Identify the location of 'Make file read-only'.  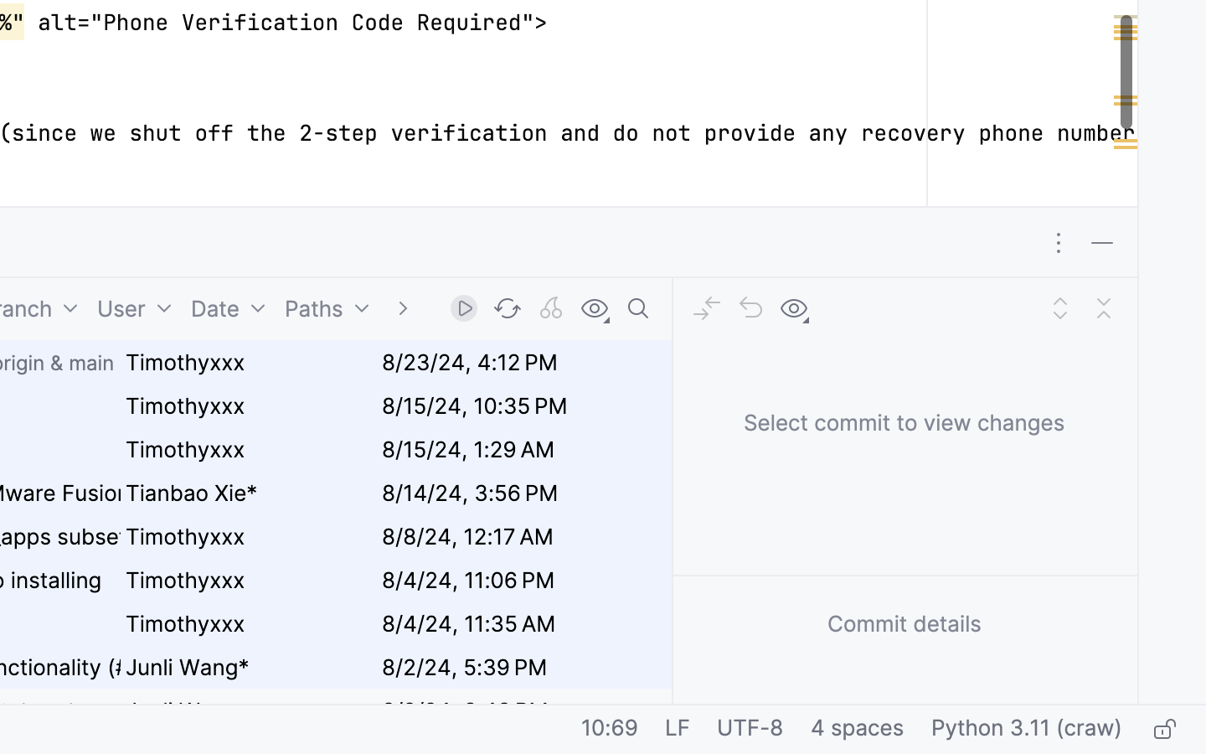
(1162, 730).